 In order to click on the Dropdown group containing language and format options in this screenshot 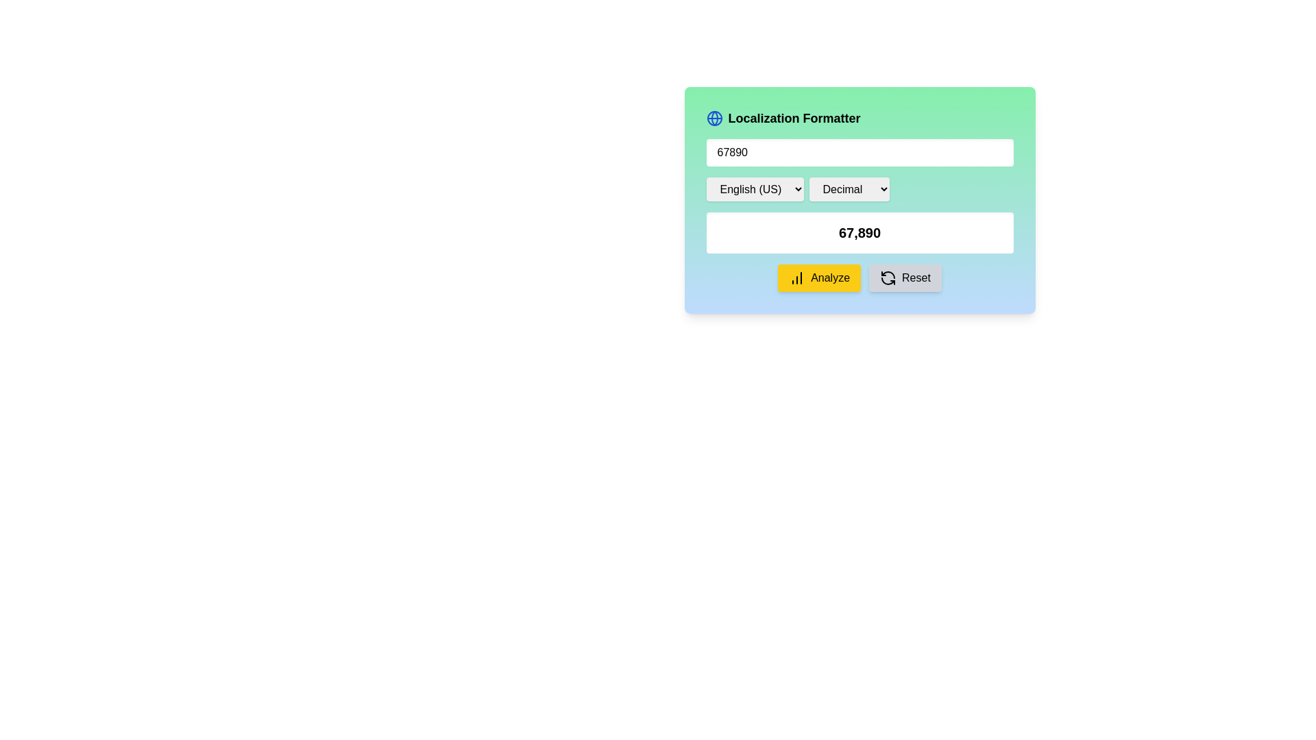, I will do `click(859, 189)`.